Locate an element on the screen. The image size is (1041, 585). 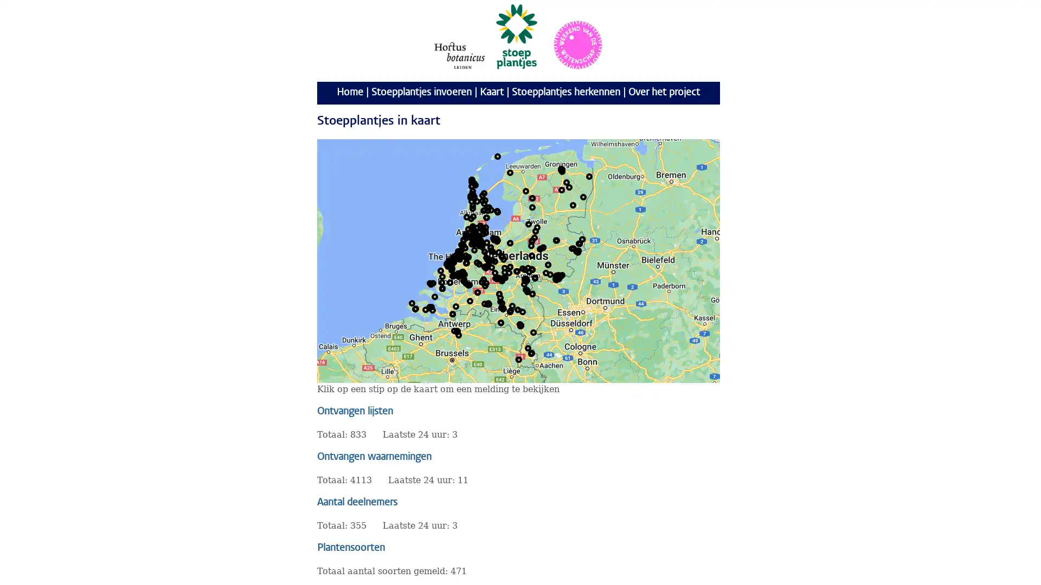
Telling van Judith op 03 juni 2022 is located at coordinates (431, 307).